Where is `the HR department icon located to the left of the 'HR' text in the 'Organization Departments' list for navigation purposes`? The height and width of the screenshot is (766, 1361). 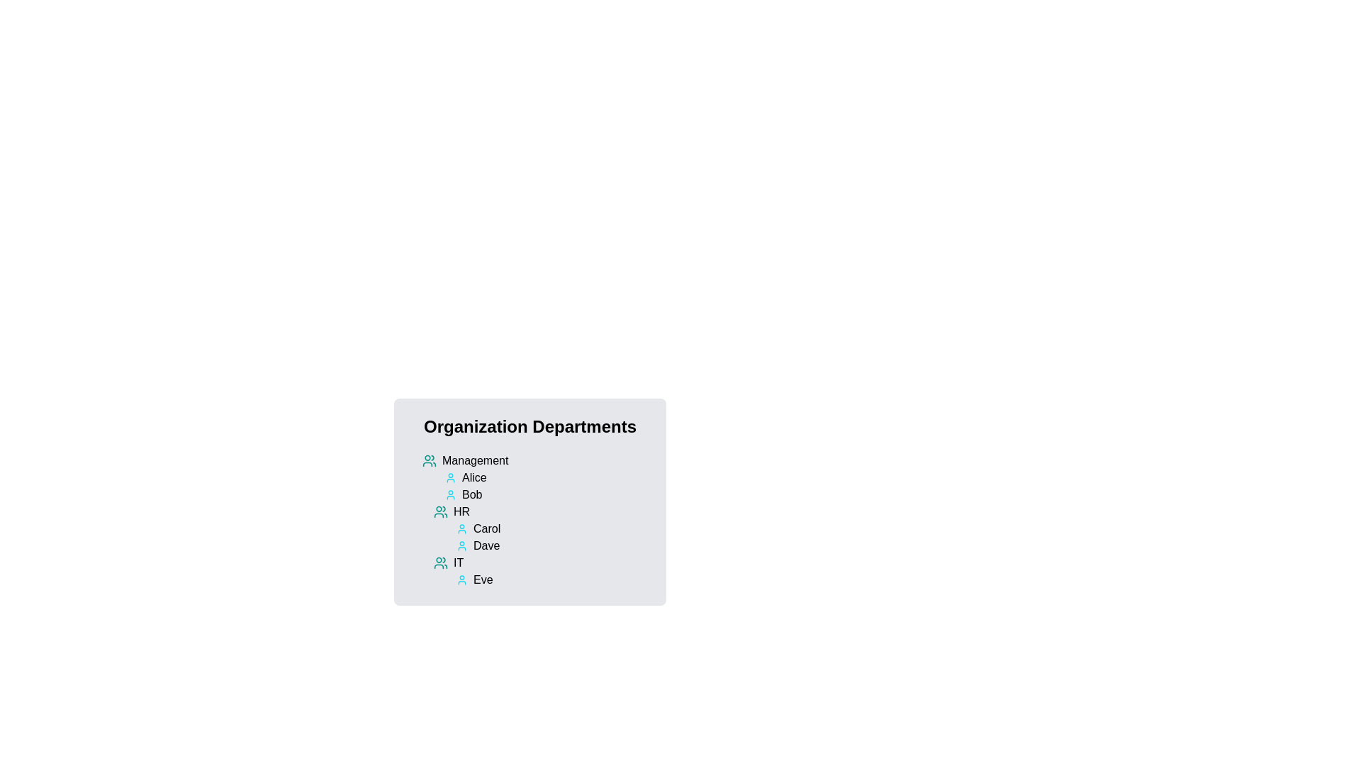
the HR department icon located to the left of the 'HR' text in the 'Organization Departments' list for navigation purposes is located at coordinates (440, 511).